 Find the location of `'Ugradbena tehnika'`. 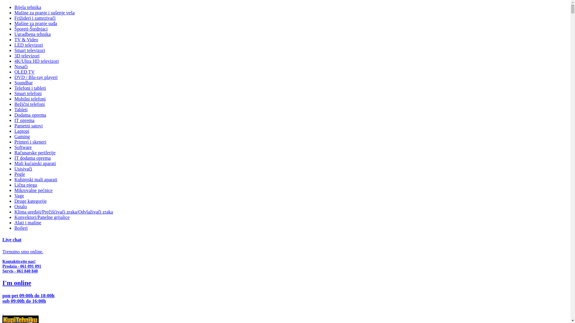

'Ugradbena tehnika' is located at coordinates (32, 34).